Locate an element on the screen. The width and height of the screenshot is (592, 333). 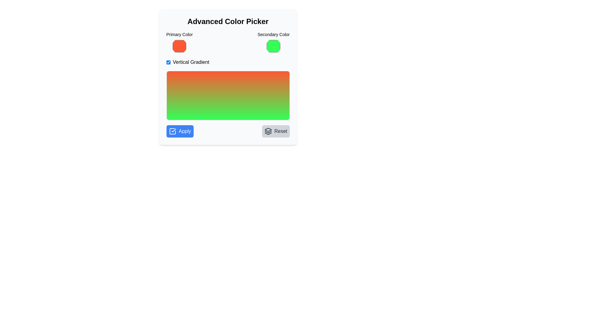
the decorative icon that visually indicates the action associated with the 'Apply' button, located to the left of its text label is located at coordinates (172, 131).